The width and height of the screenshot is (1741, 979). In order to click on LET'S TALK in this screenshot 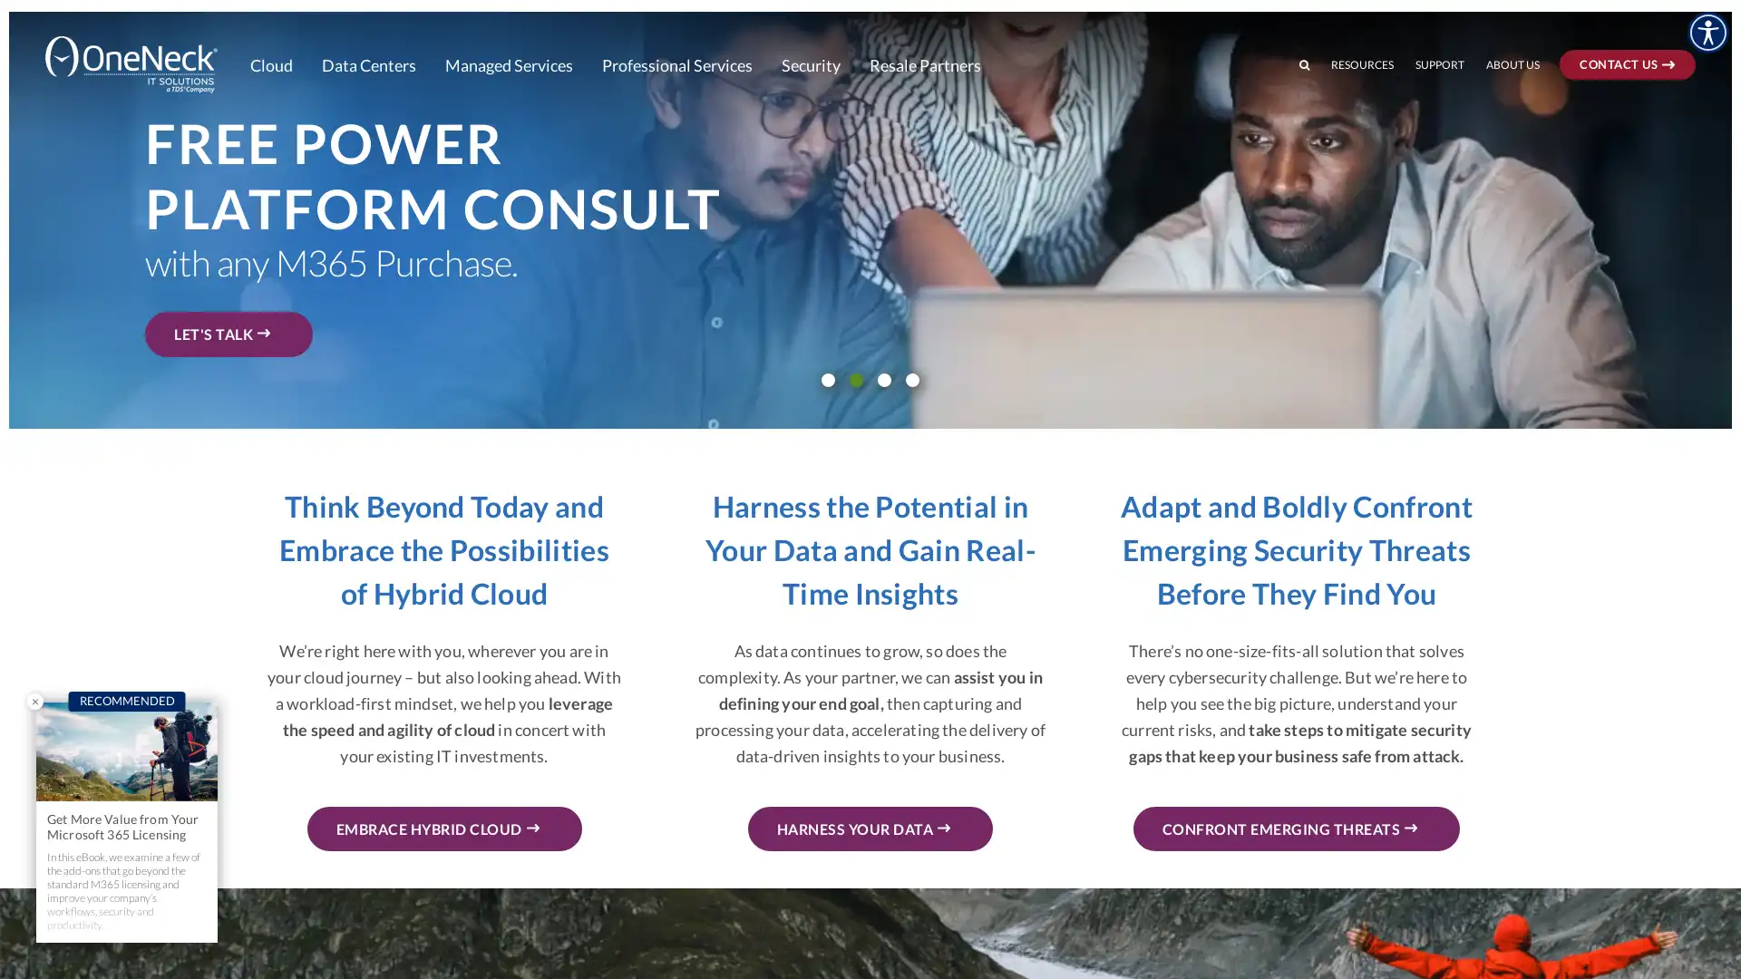, I will do `click(228, 334)`.